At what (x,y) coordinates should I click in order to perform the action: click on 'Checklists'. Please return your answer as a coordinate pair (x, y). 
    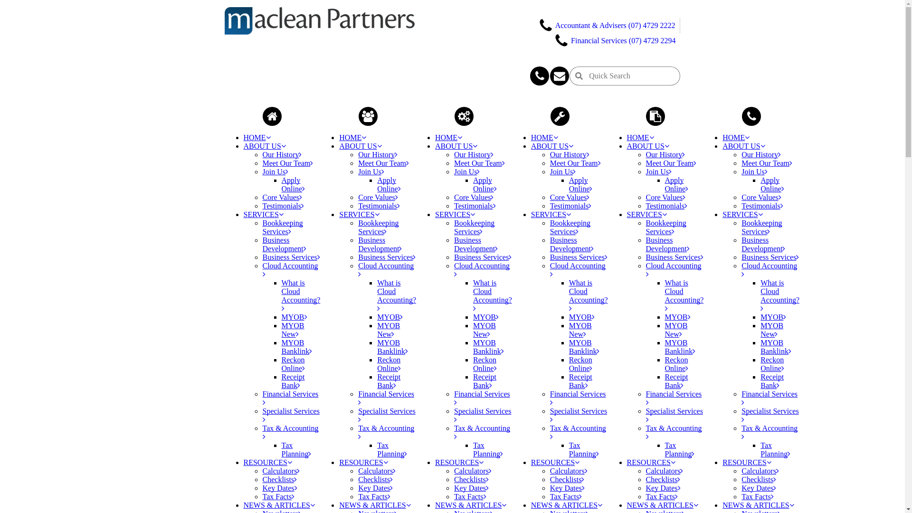
    Looking at the image, I should click on (567, 479).